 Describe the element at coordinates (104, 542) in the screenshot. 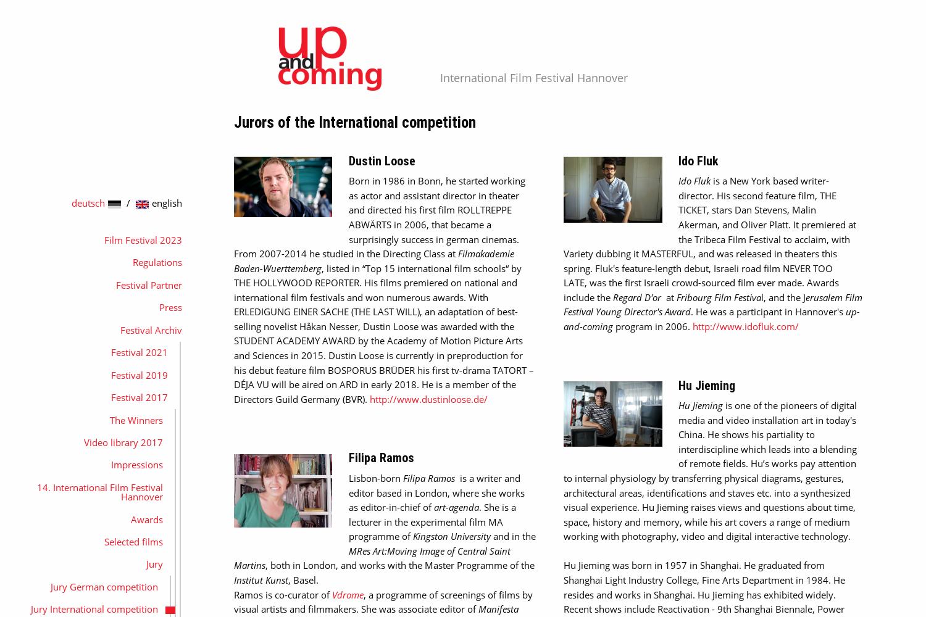

I see `'Selected films'` at that location.